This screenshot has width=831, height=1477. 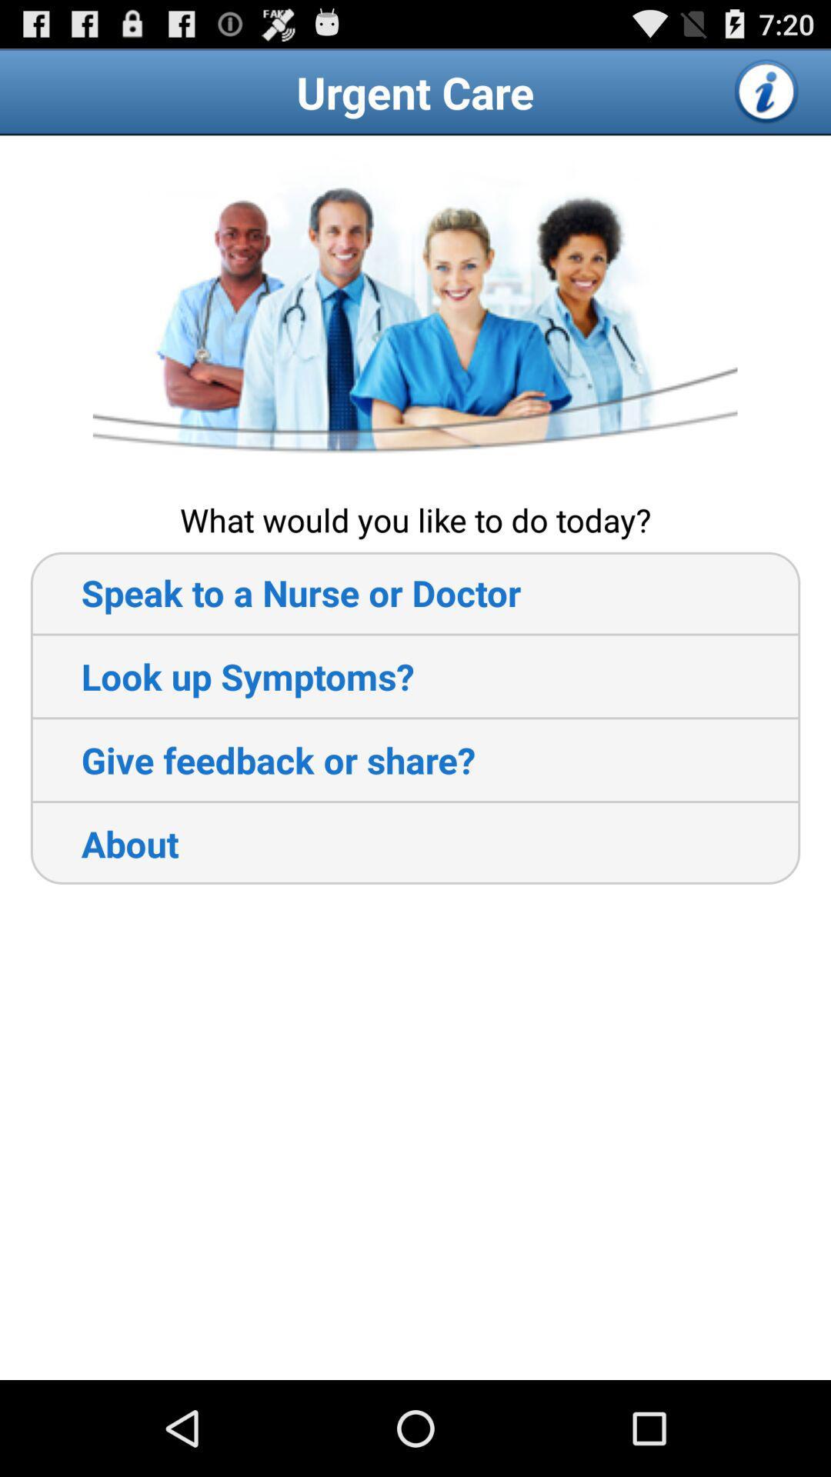 I want to click on the item above the give feedback or, so click(x=222, y=676).